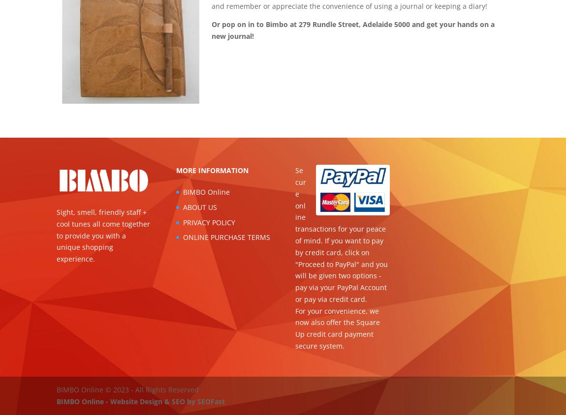  Describe the element at coordinates (209, 221) in the screenshot. I see `'PRIVACY POLICY'` at that location.